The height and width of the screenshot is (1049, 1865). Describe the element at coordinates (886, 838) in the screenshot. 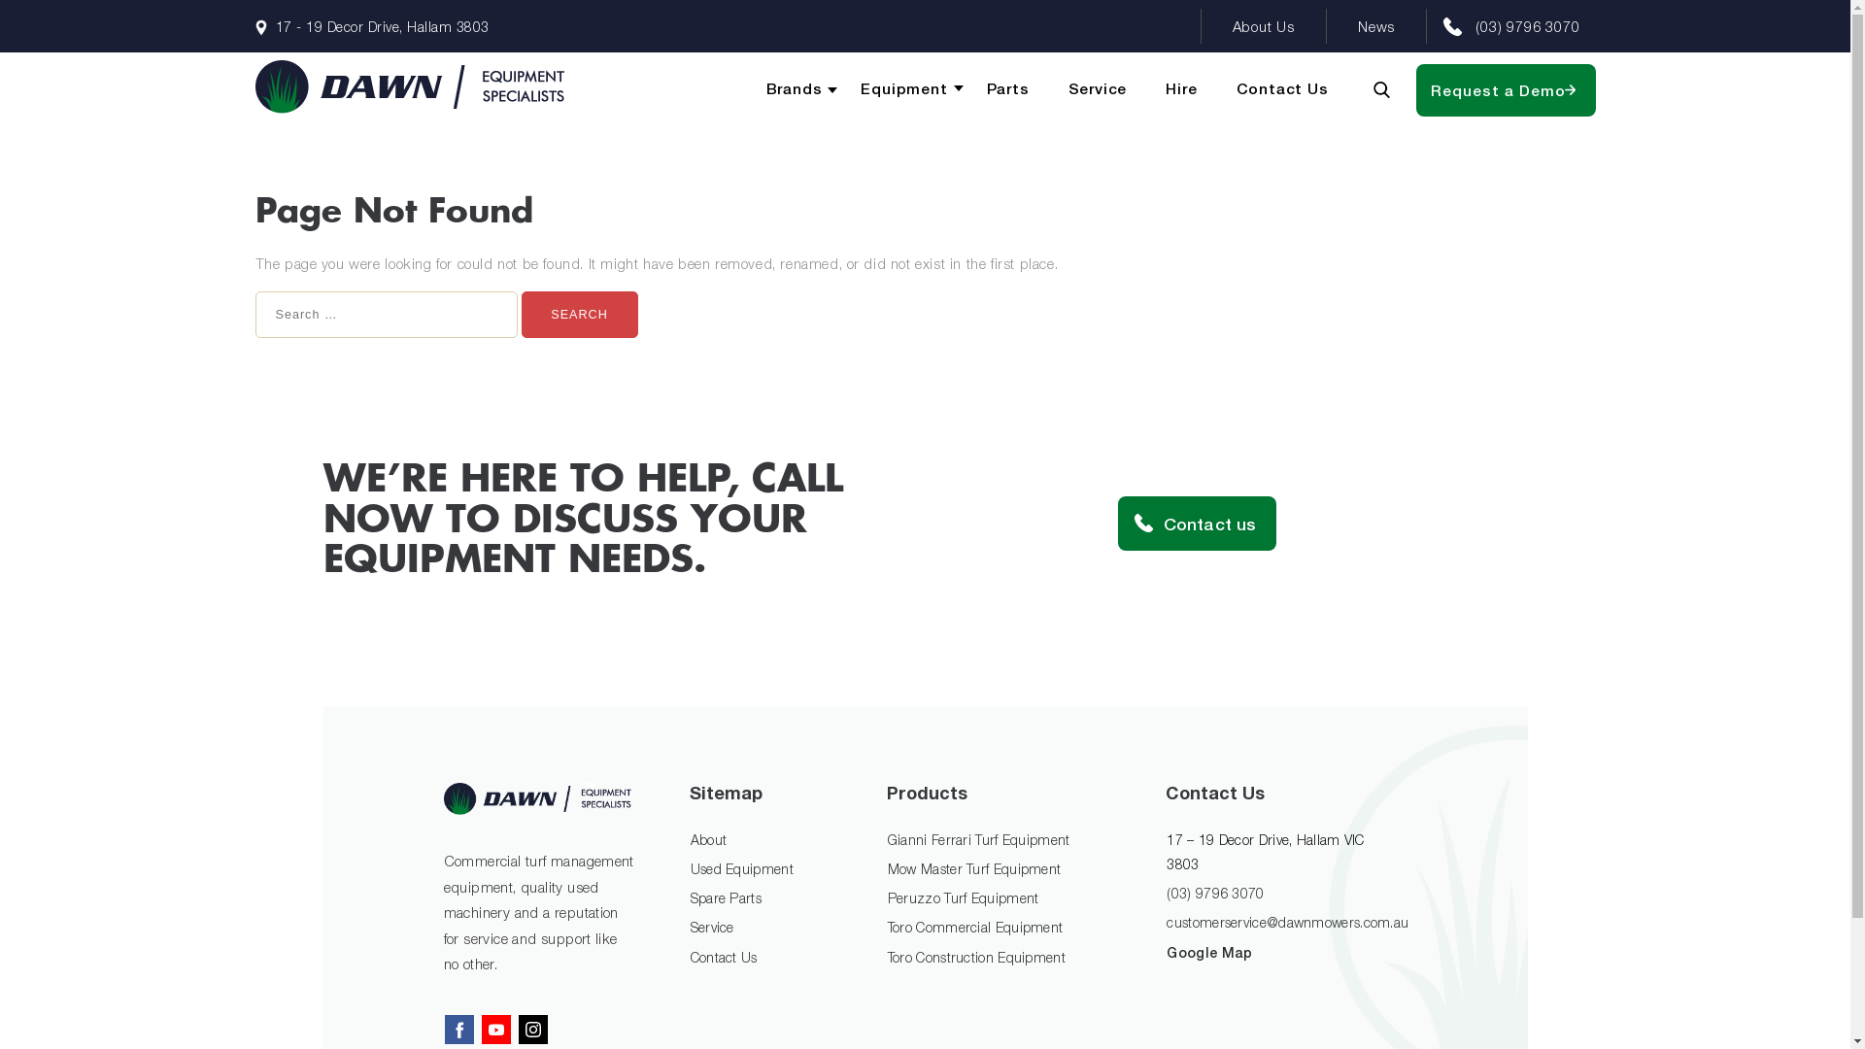

I see `'Gianni Ferrari Turf Equipment'` at that location.